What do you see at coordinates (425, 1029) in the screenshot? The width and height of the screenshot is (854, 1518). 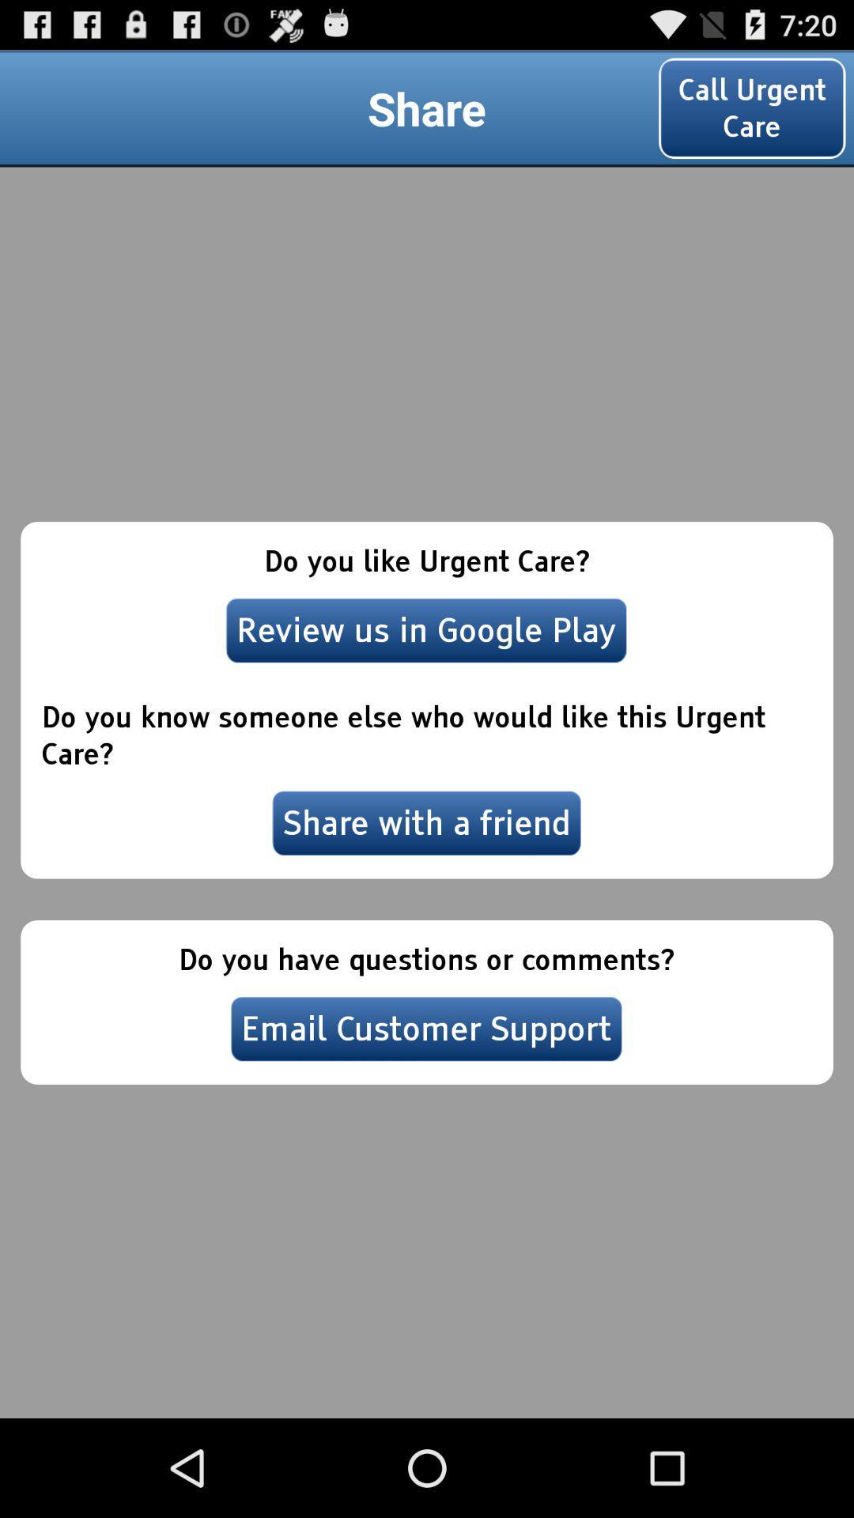 I see `the icon below do you have icon` at bounding box center [425, 1029].